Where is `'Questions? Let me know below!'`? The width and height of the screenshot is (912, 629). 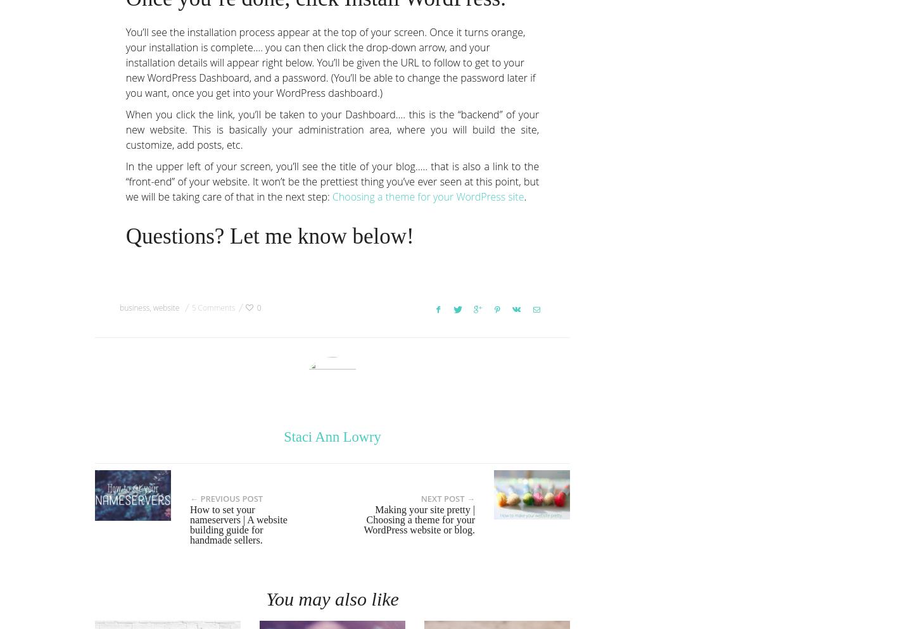 'Questions? Let me know below!' is located at coordinates (269, 235).